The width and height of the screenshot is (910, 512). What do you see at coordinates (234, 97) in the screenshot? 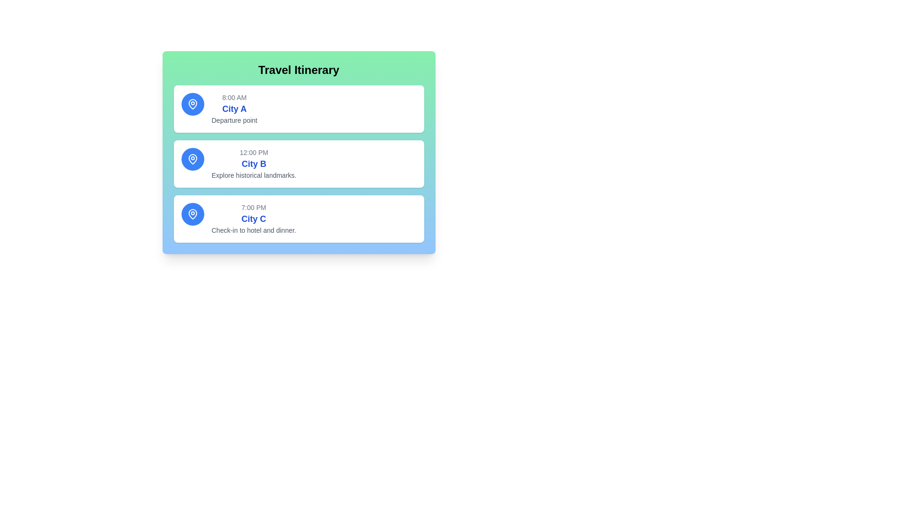
I see `the text label displaying '8:00 AM' located at the top of the card for 'City A'` at bounding box center [234, 97].